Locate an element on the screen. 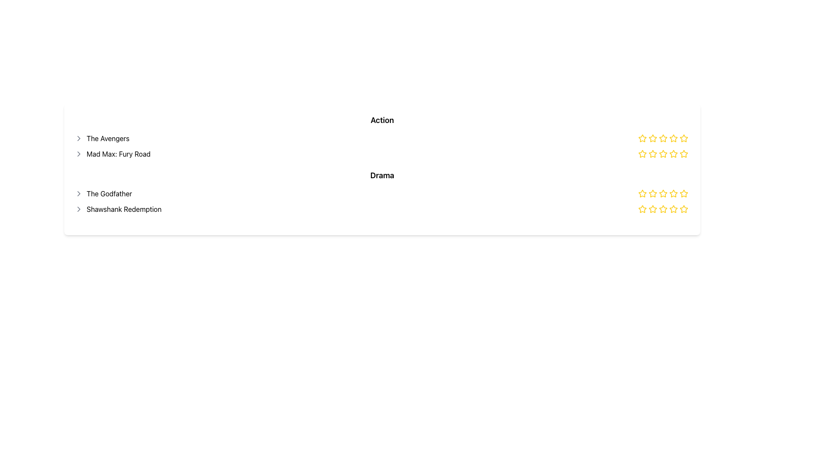 This screenshot has height=466, width=828. the first Rating Star Icon in the row of star icons for the 'Shawshank Redemption' item in the 'Drama' category is located at coordinates (642, 209).